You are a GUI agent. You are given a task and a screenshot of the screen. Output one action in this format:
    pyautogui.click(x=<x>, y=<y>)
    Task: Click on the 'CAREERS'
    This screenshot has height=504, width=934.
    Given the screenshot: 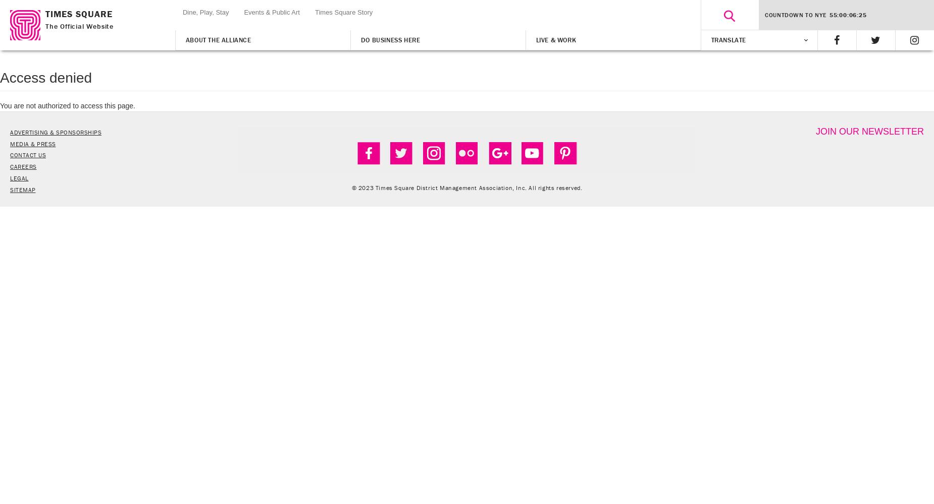 What is the action you would take?
    pyautogui.click(x=23, y=166)
    